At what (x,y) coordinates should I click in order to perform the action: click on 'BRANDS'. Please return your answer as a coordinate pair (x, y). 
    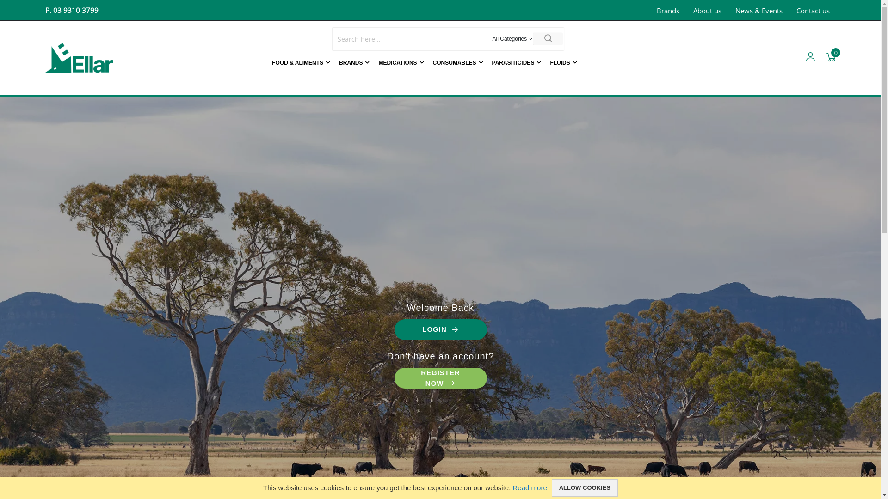
    Looking at the image, I should click on (353, 62).